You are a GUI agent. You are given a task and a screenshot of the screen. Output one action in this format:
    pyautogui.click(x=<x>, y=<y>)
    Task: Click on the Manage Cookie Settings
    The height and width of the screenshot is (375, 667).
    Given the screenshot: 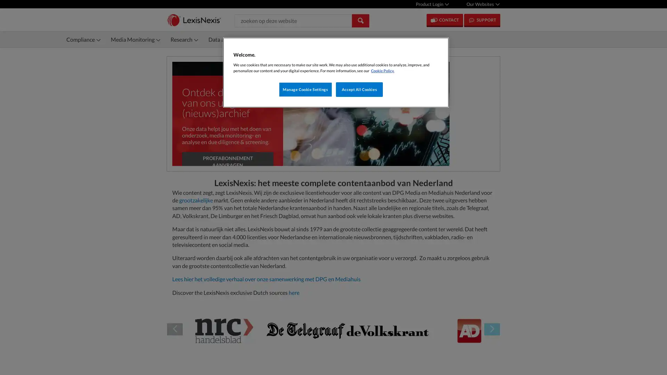 What is the action you would take?
    pyautogui.click(x=305, y=89)
    